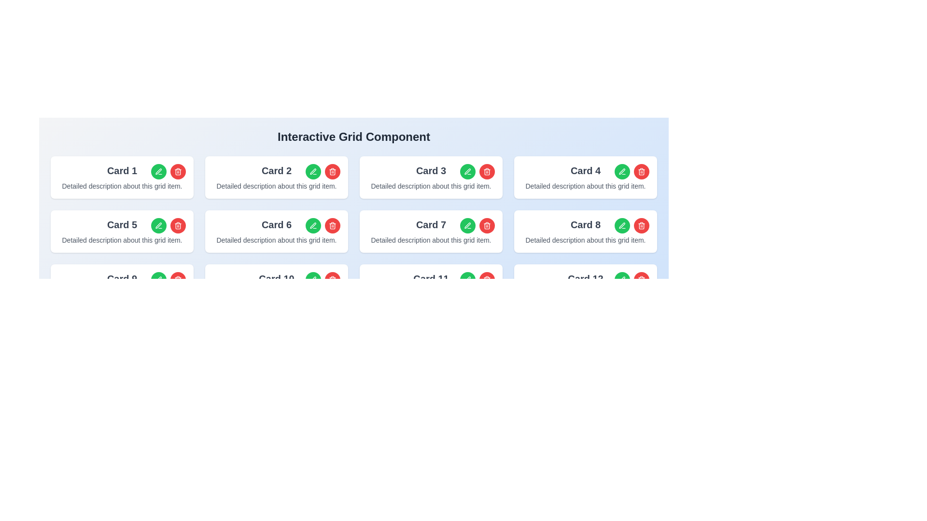 This screenshot has width=927, height=521. What do you see at coordinates (178, 280) in the screenshot?
I see `the red rectangular IconButton shaped like a trash bin located at the bottom-right corner of 'Card 6' in the grid` at bounding box center [178, 280].